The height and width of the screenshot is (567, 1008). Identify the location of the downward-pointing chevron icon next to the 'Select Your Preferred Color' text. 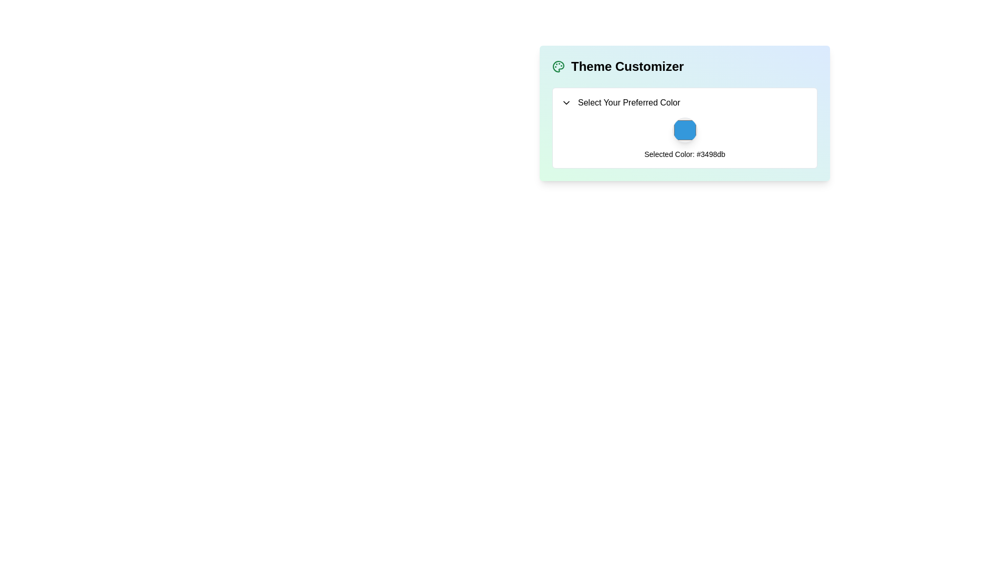
(566, 103).